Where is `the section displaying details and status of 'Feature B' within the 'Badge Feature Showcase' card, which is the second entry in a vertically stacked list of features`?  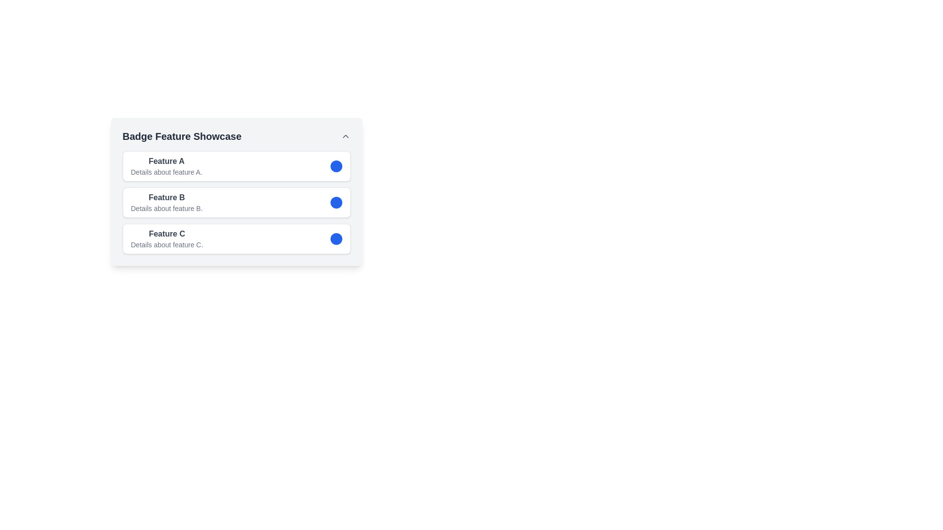 the section displaying details and status of 'Feature B' within the 'Badge Feature Showcase' card, which is the second entry in a vertically stacked list of features is located at coordinates (236, 202).